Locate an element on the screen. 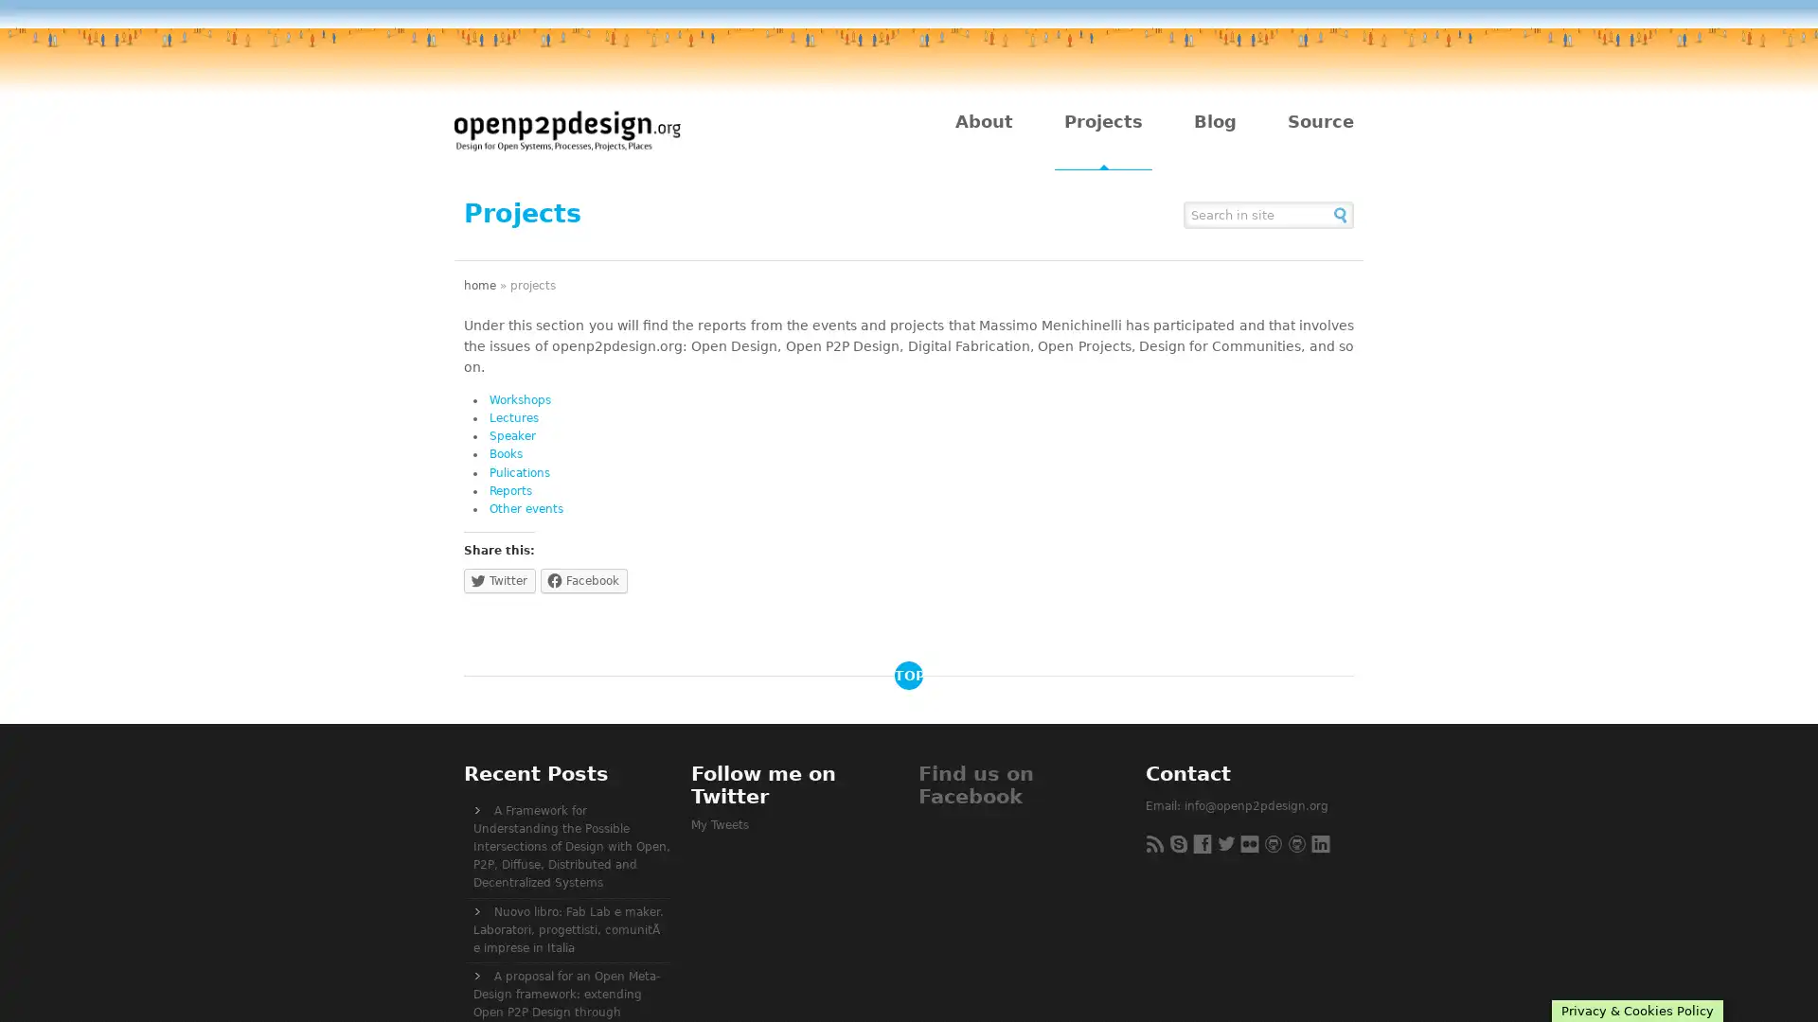 This screenshot has width=1818, height=1022. Search is located at coordinates (1340, 213).